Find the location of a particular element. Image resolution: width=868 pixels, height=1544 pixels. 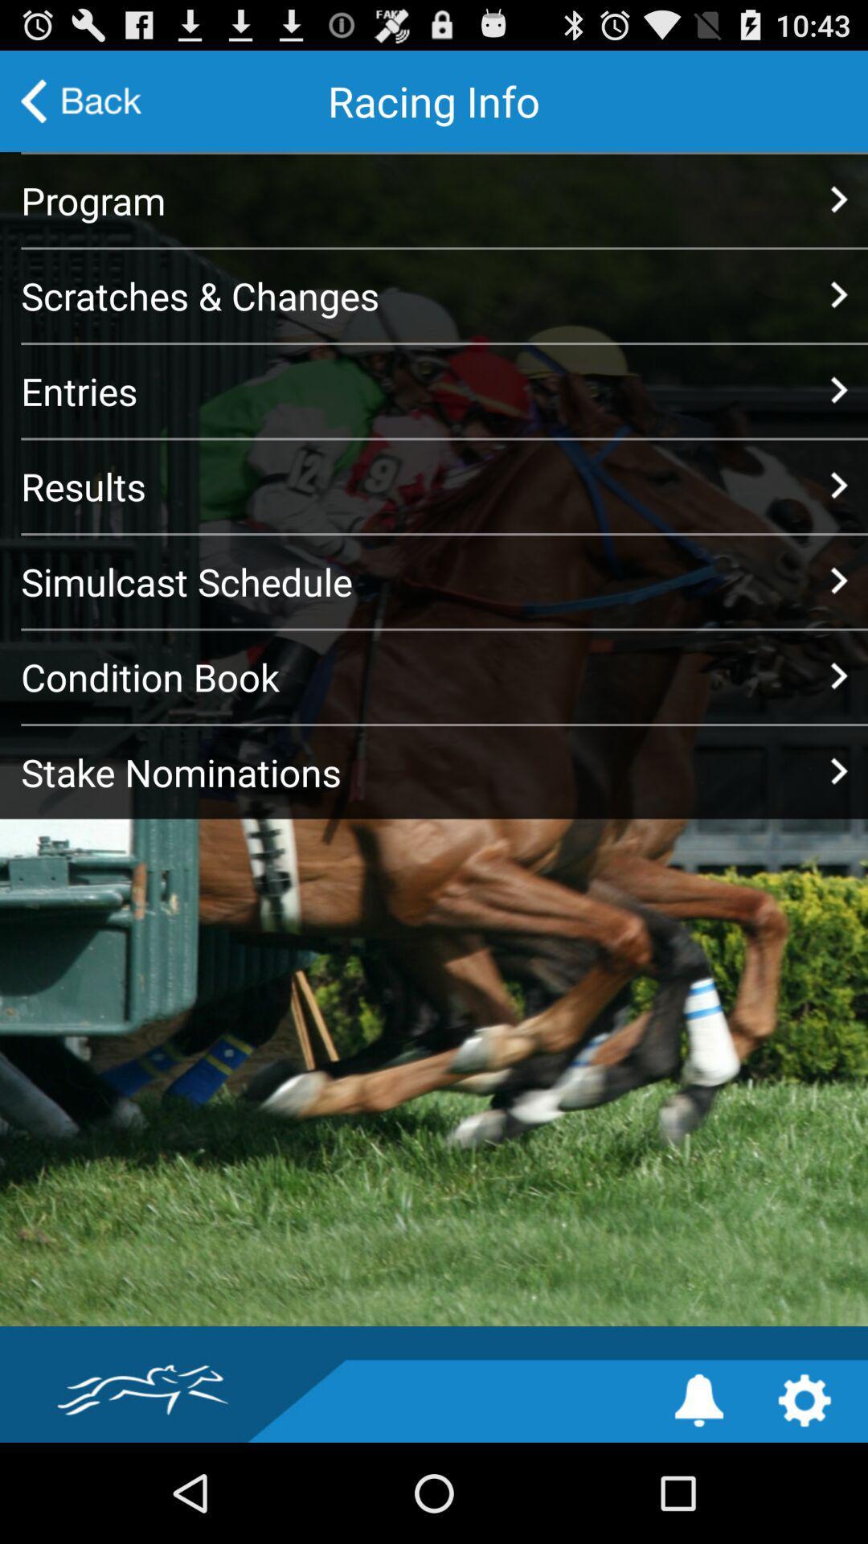

the icon at the bottom left corner is located at coordinates (125, 1399).